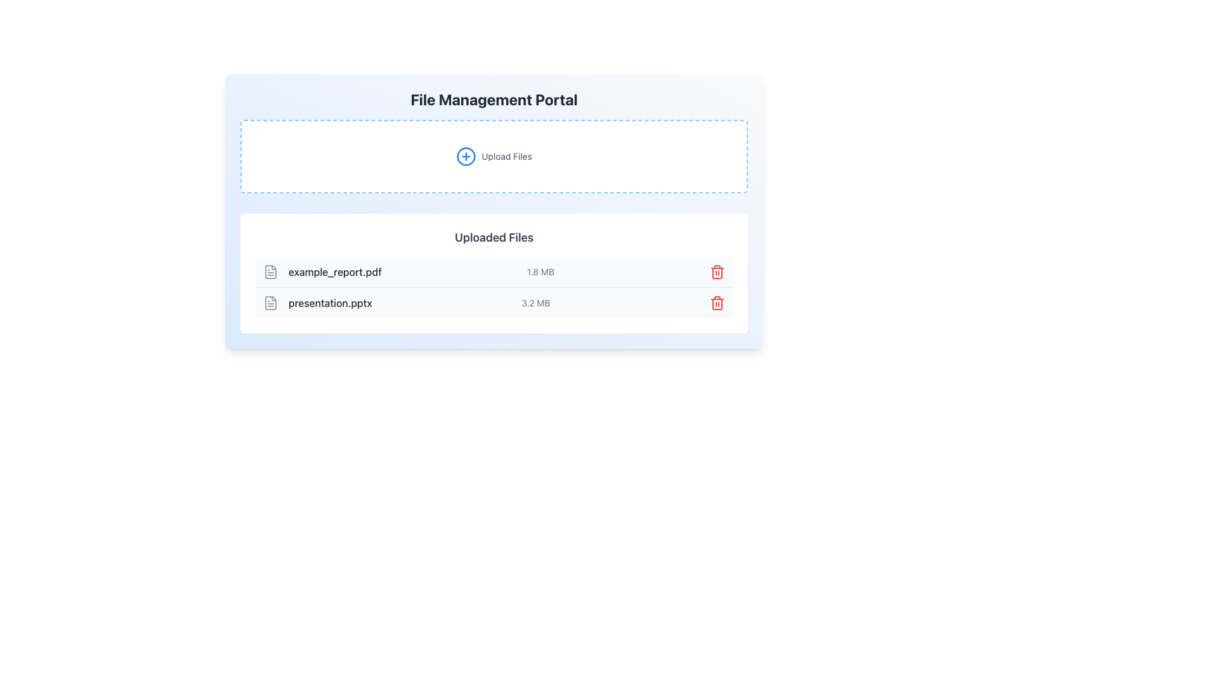 Image resolution: width=1218 pixels, height=685 pixels. I want to click on the circular blue outlined '+' icon located in the 'Upload Files' section, so click(466, 155).